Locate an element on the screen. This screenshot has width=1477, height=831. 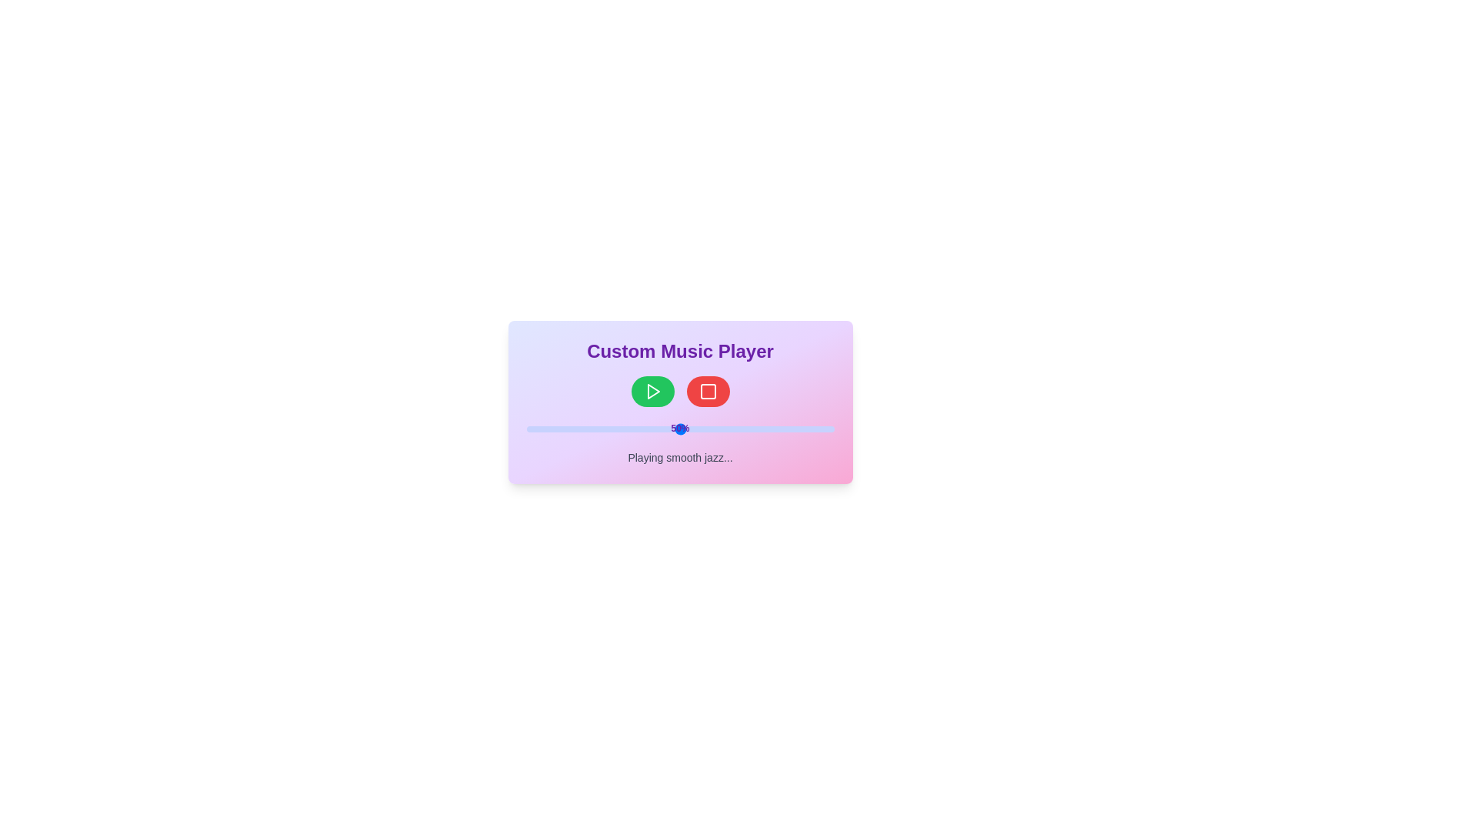
the slider is located at coordinates (815, 429).